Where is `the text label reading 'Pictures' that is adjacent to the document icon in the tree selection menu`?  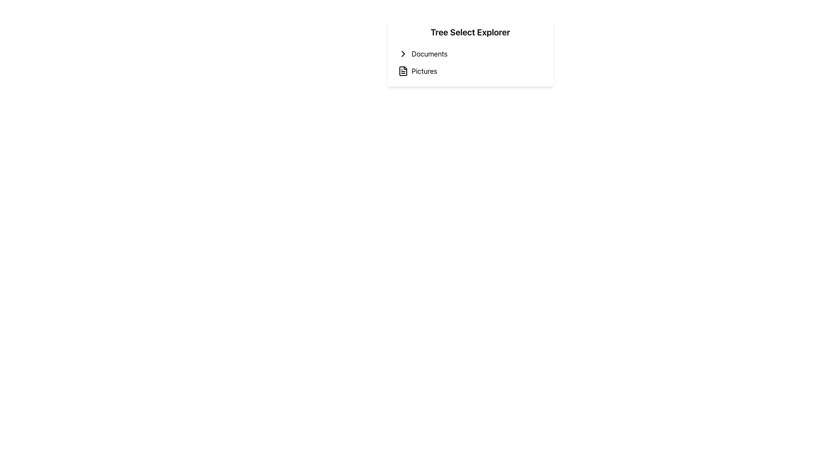
the text label reading 'Pictures' that is adjacent to the document icon in the tree selection menu is located at coordinates (424, 71).